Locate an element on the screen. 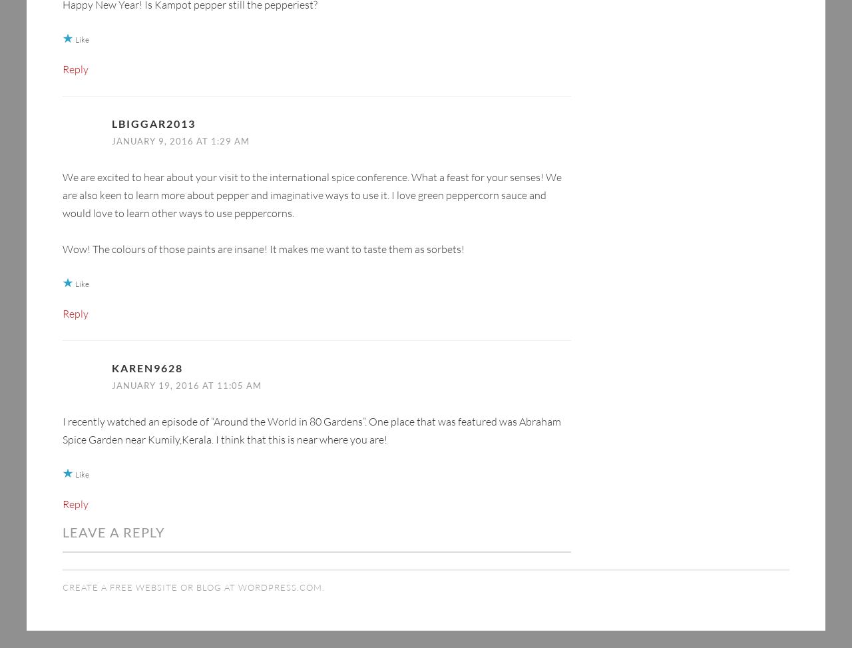 Image resolution: width=852 pixels, height=648 pixels. 'We are excited to hear about your visit to the international spice conference. What a feast for your senses! We are also keen to learn more about pepper and imaginative ways to use it. I love green peppercorn sauce and would love to learn other ways to use peppercorns.' is located at coordinates (311, 172).